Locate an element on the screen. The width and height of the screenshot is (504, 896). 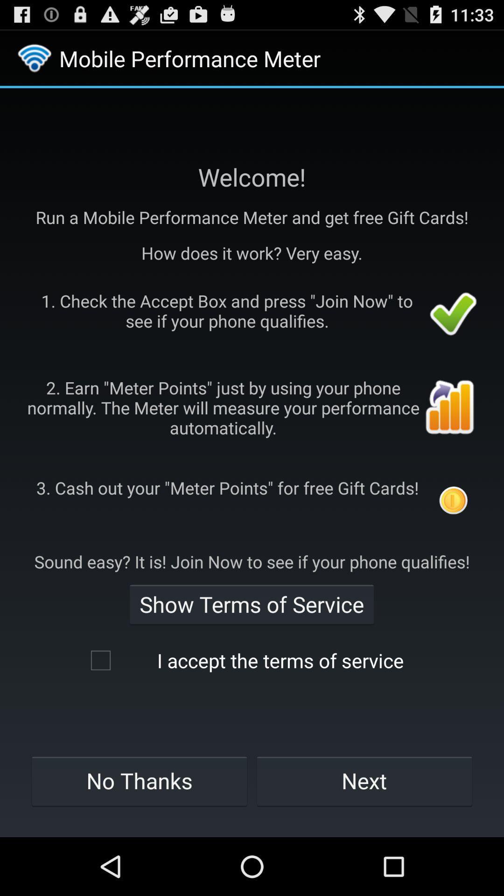
icon below the i accept the item is located at coordinates (364, 781).